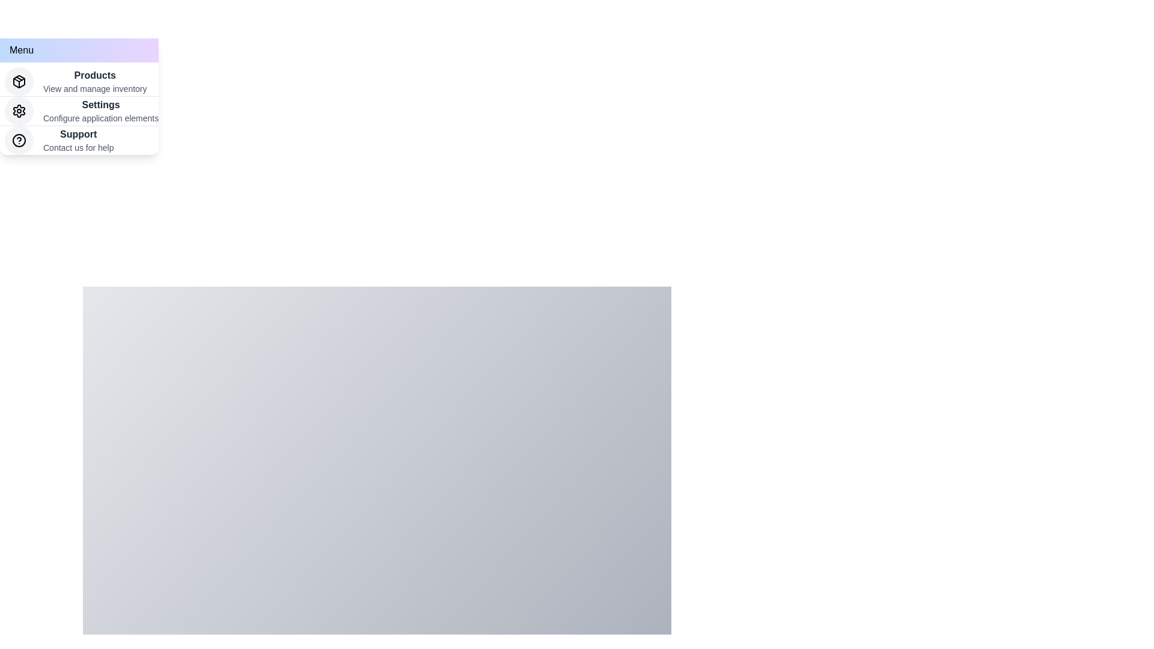  Describe the element at coordinates (94, 76) in the screenshot. I see `the 'Products' menu item to select it` at that location.